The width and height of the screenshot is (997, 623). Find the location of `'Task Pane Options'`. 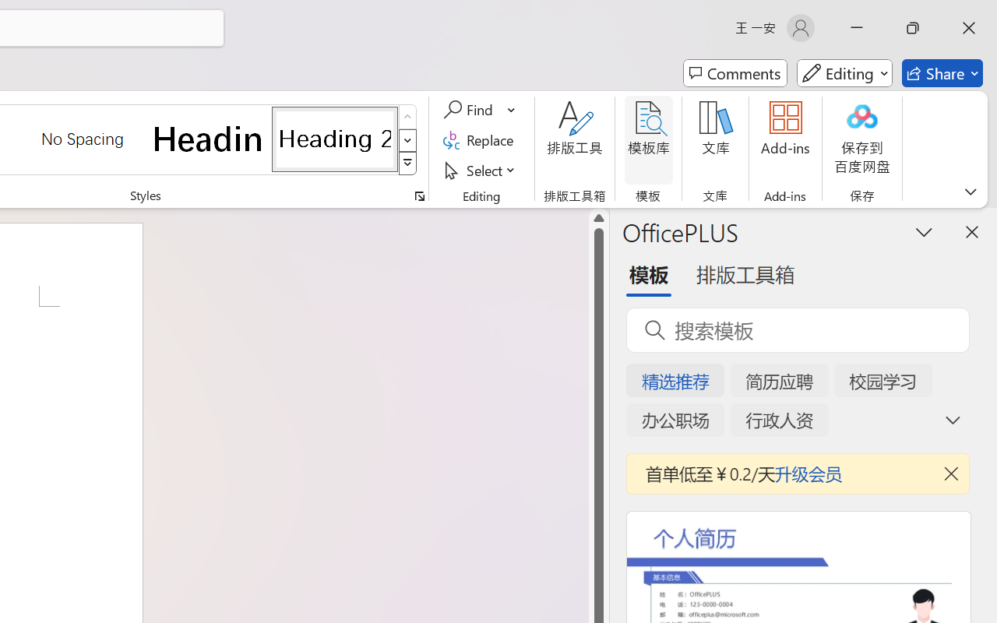

'Task Pane Options' is located at coordinates (925, 231).